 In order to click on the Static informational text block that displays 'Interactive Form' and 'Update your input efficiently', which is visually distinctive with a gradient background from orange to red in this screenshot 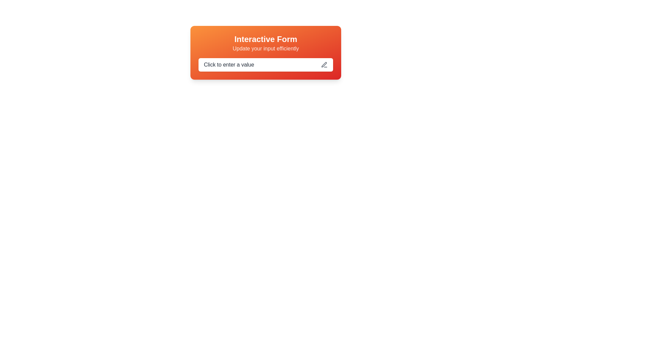, I will do `click(265, 43)`.